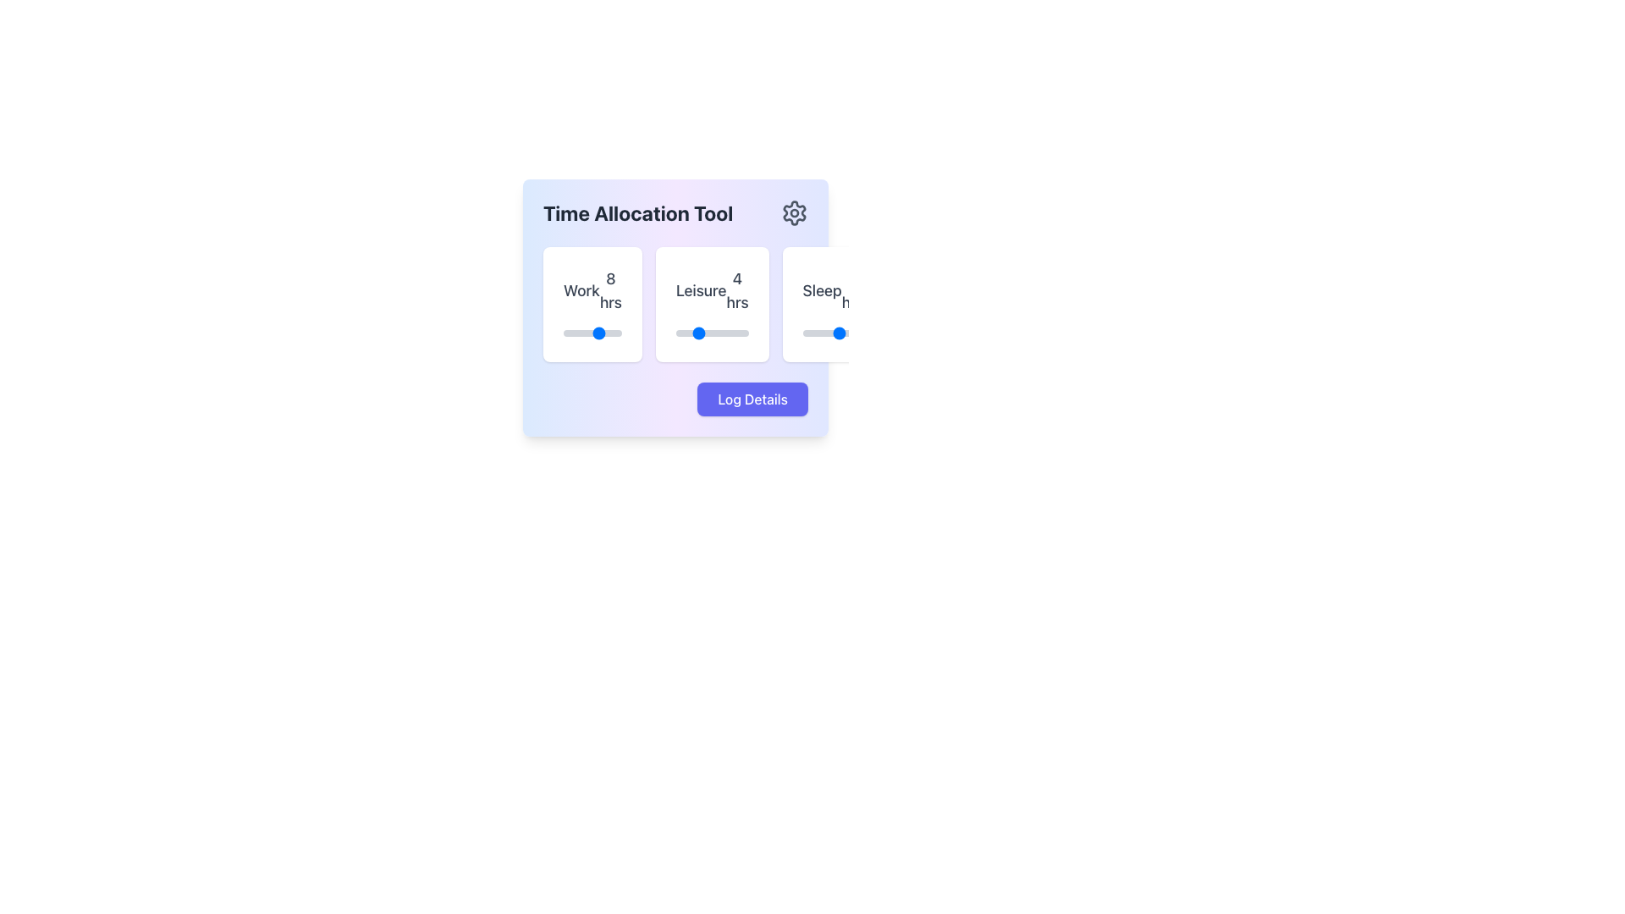 The width and height of the screenshot is (1625, 914). I want to click on the 'Leisure' text label, which consists of 'Leisure' and '4 hrs' in bold, dark gray font, centrally located in the middle column above a slider component, so click(712, 289).